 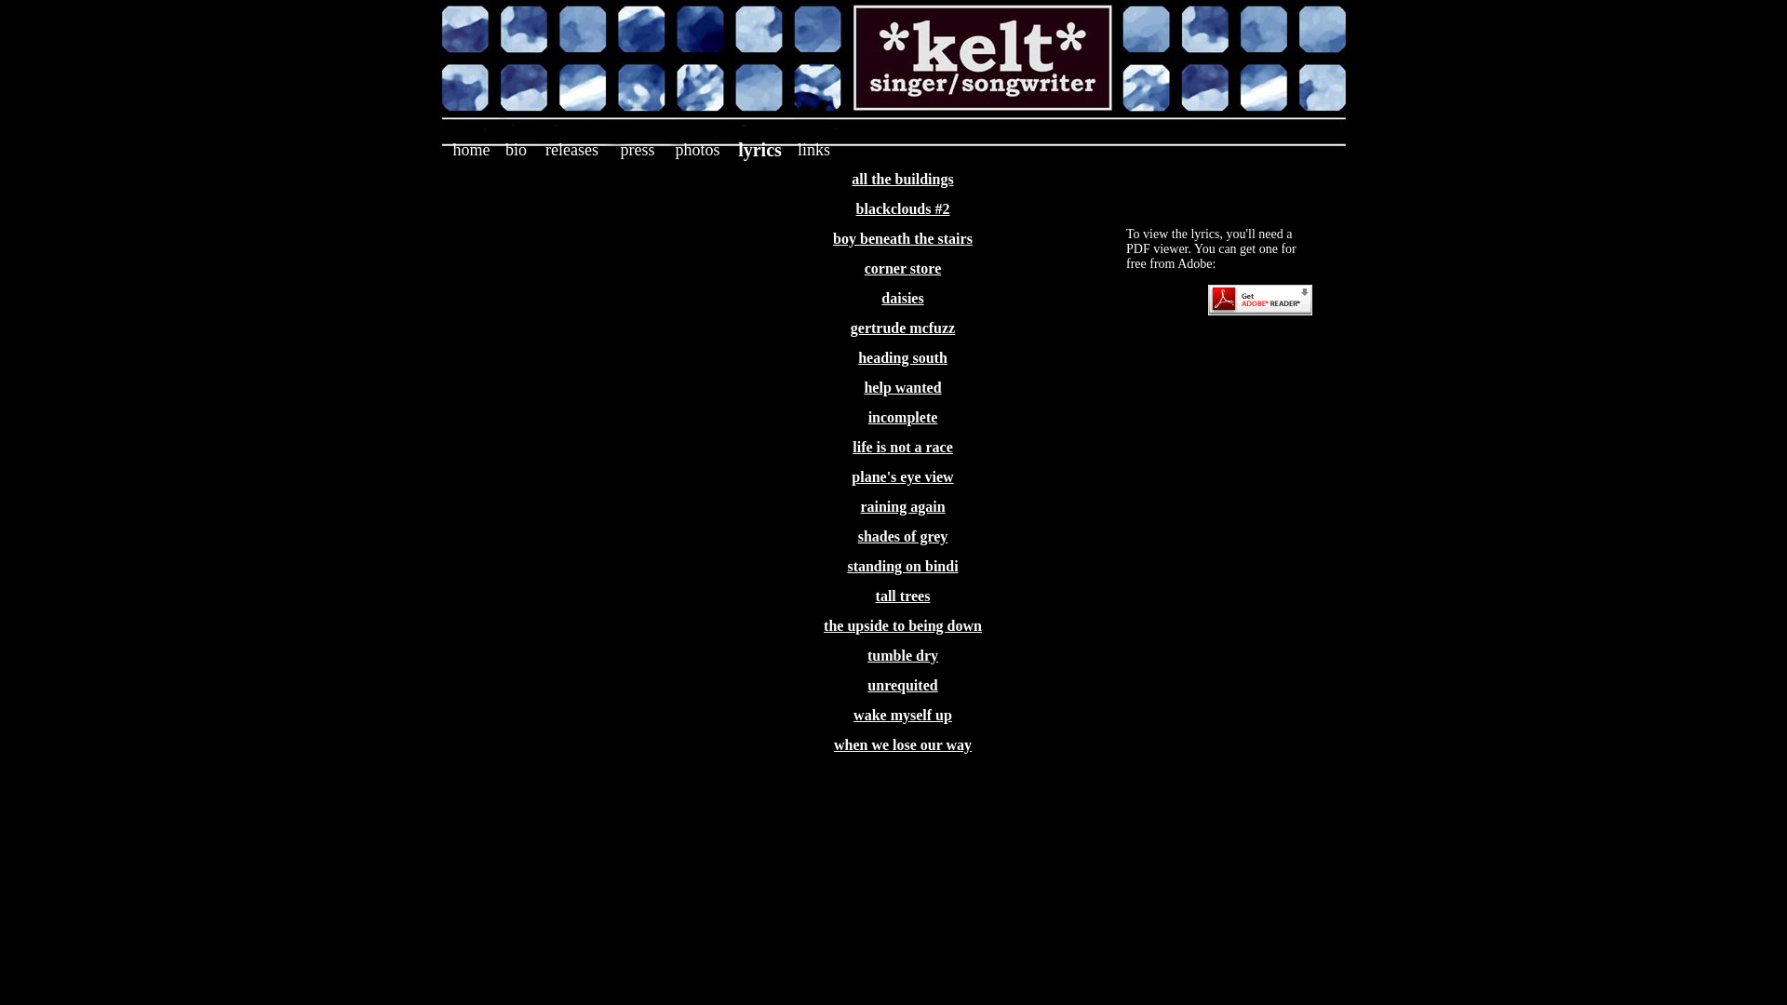 What do you see at coordinates (902, 237) in the screenshot?
I see `'boy beneath the stairs'` at bounding box center [902, 237].